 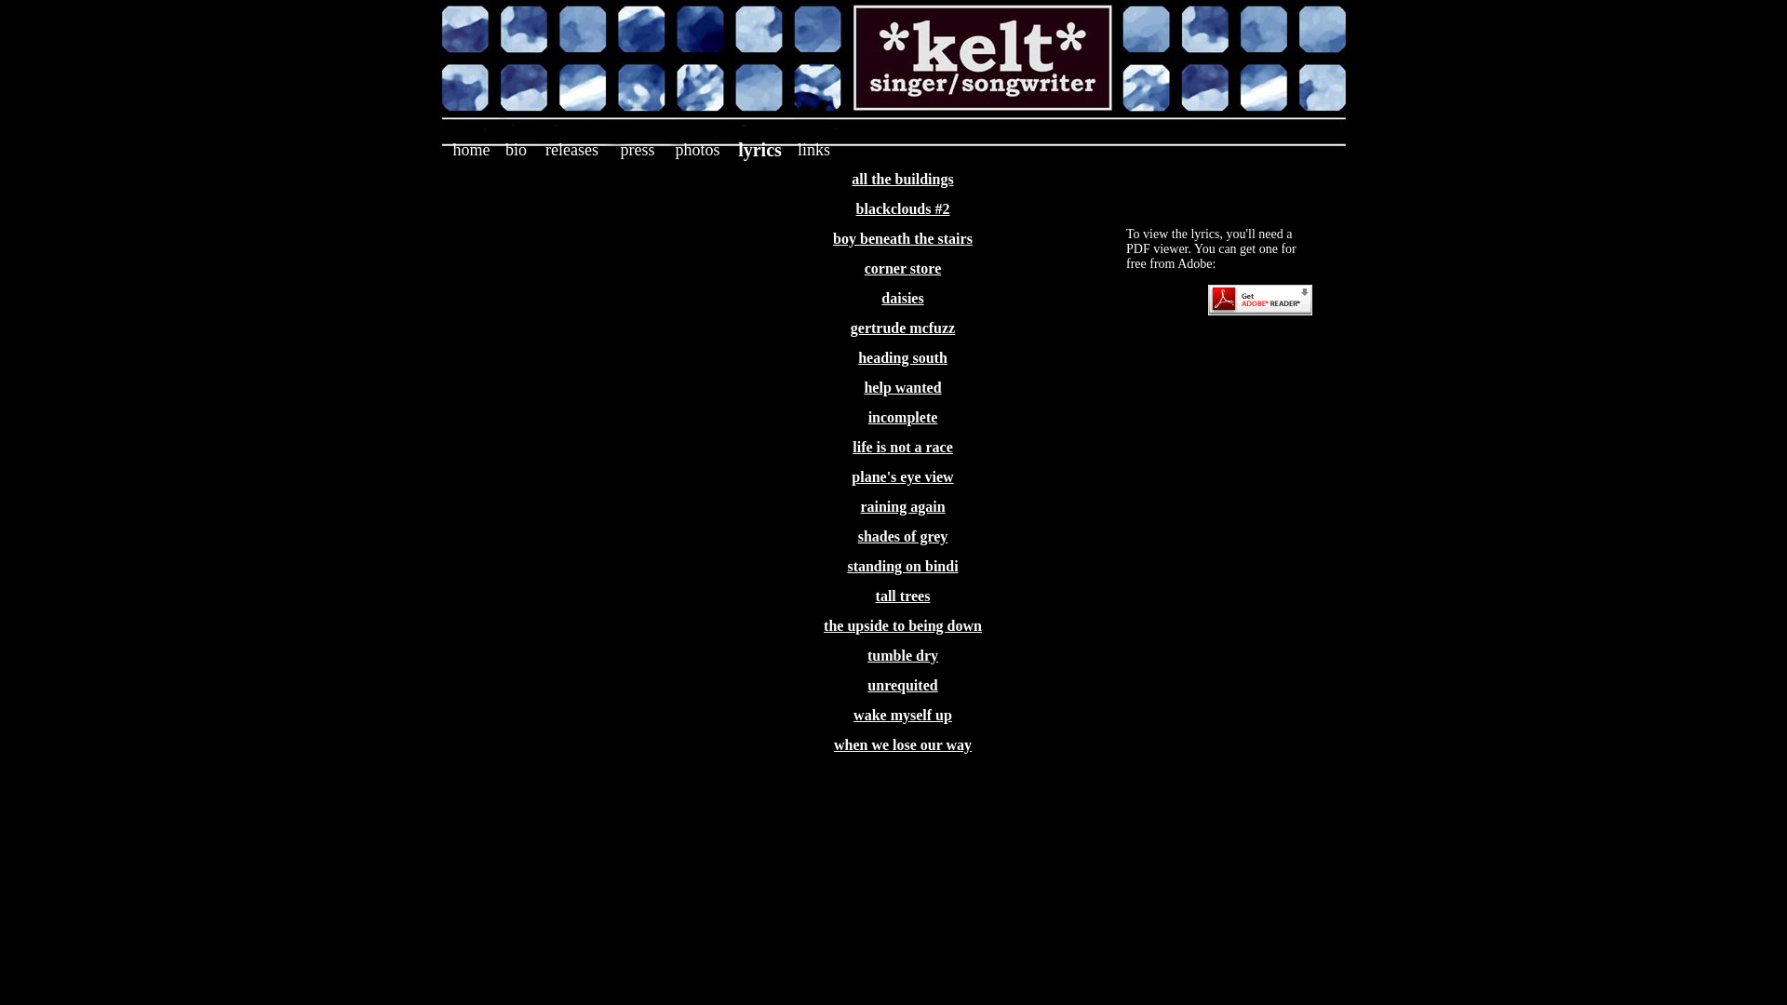 What do you see at coordinates (902, 237) in the screenshot?
I see `'boy beneath the stairs'` at bounding box center [902, 237].